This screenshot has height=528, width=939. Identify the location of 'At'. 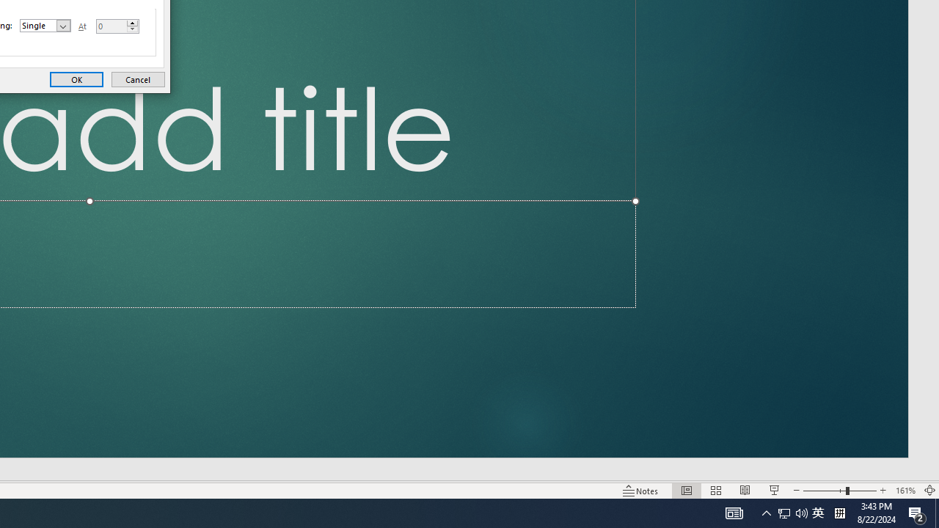
(117, 26).